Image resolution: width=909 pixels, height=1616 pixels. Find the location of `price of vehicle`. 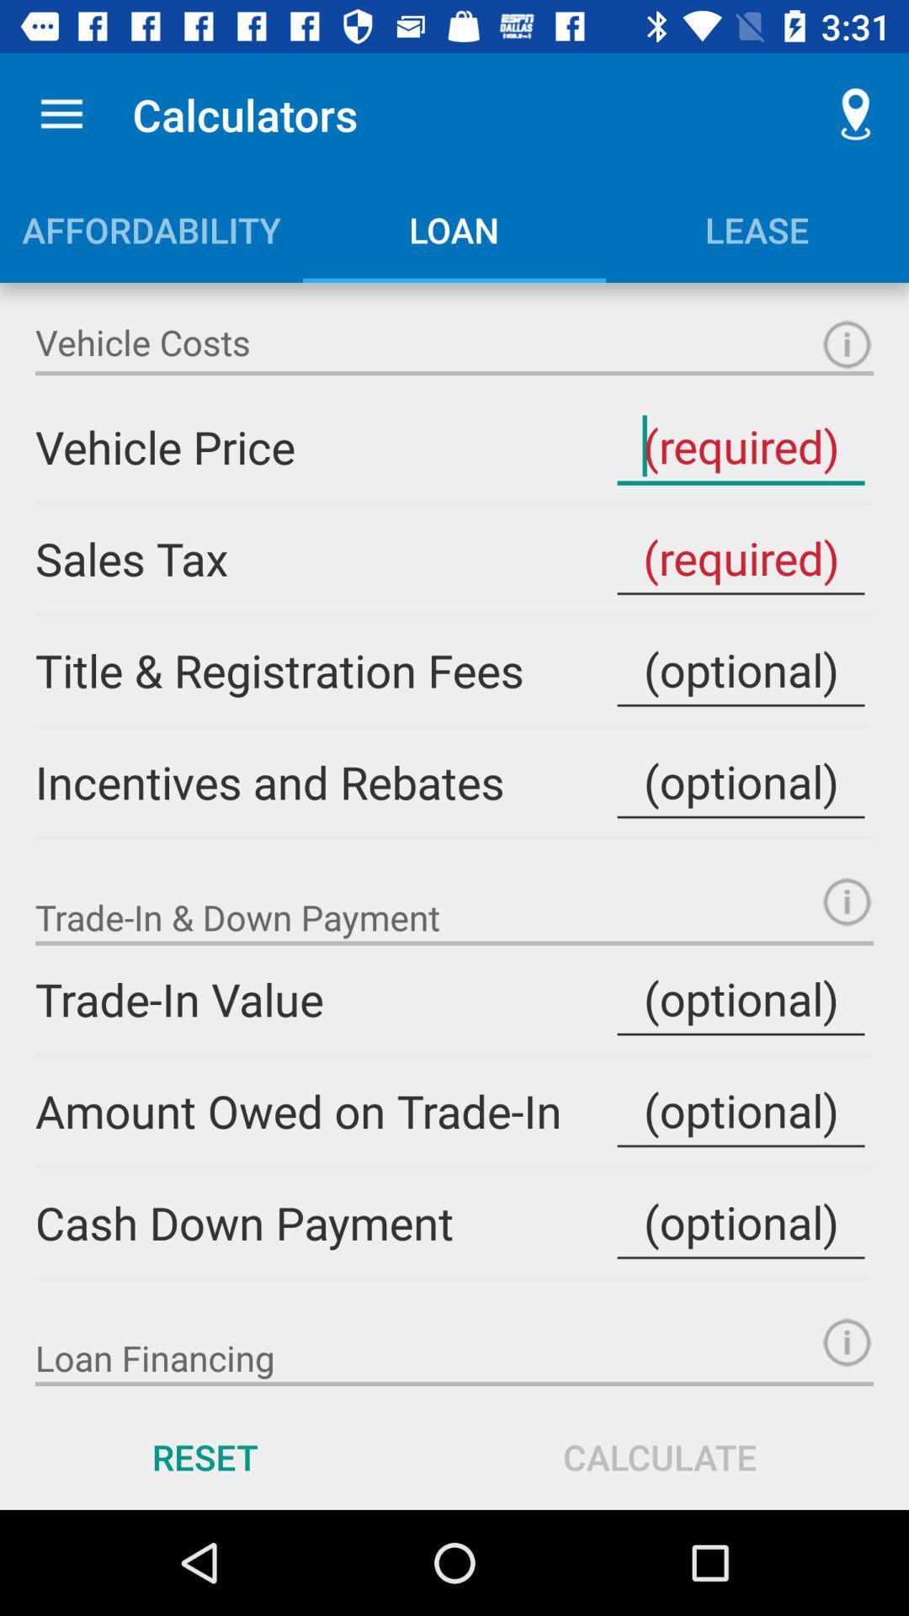

price of vehicle is located at coordinates (740, 447).